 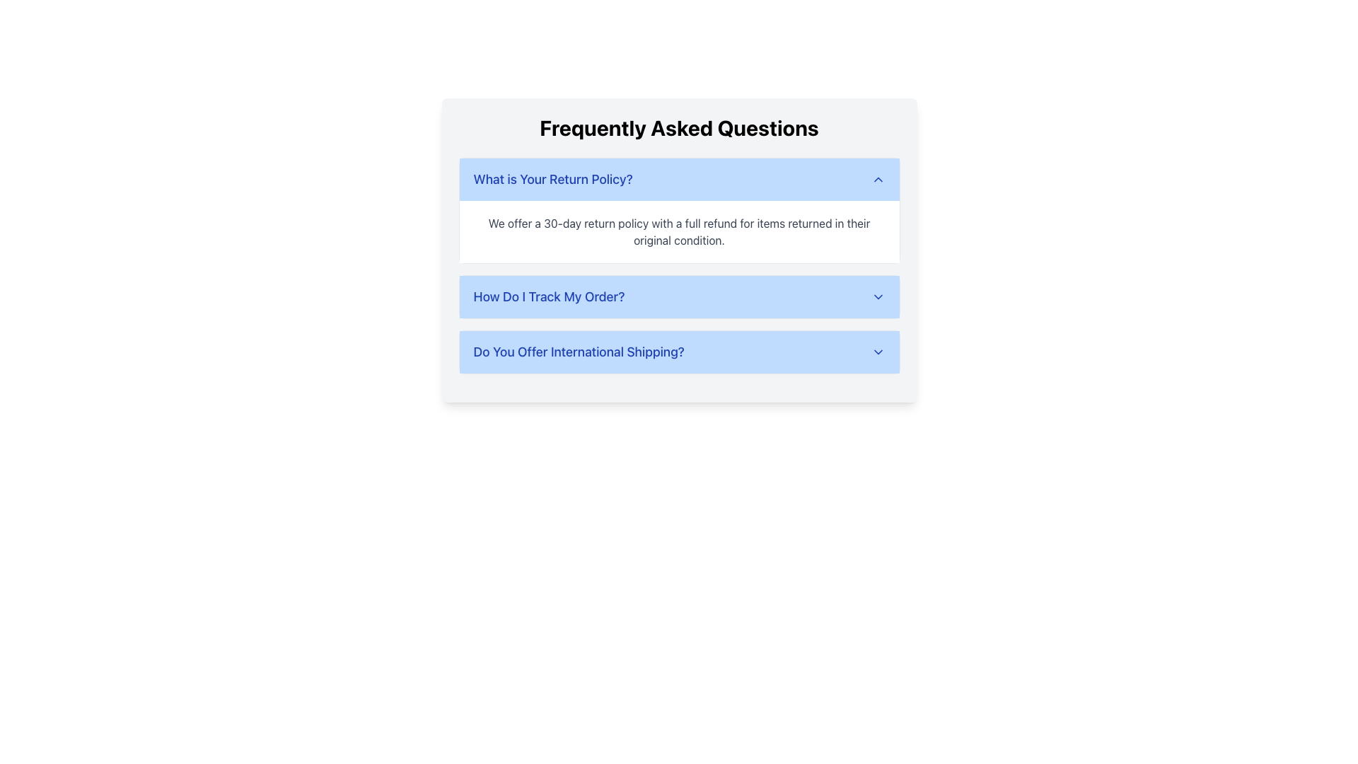 I want to click on the first Accordion content section of the FAQ element, so click(x=679, y=250).